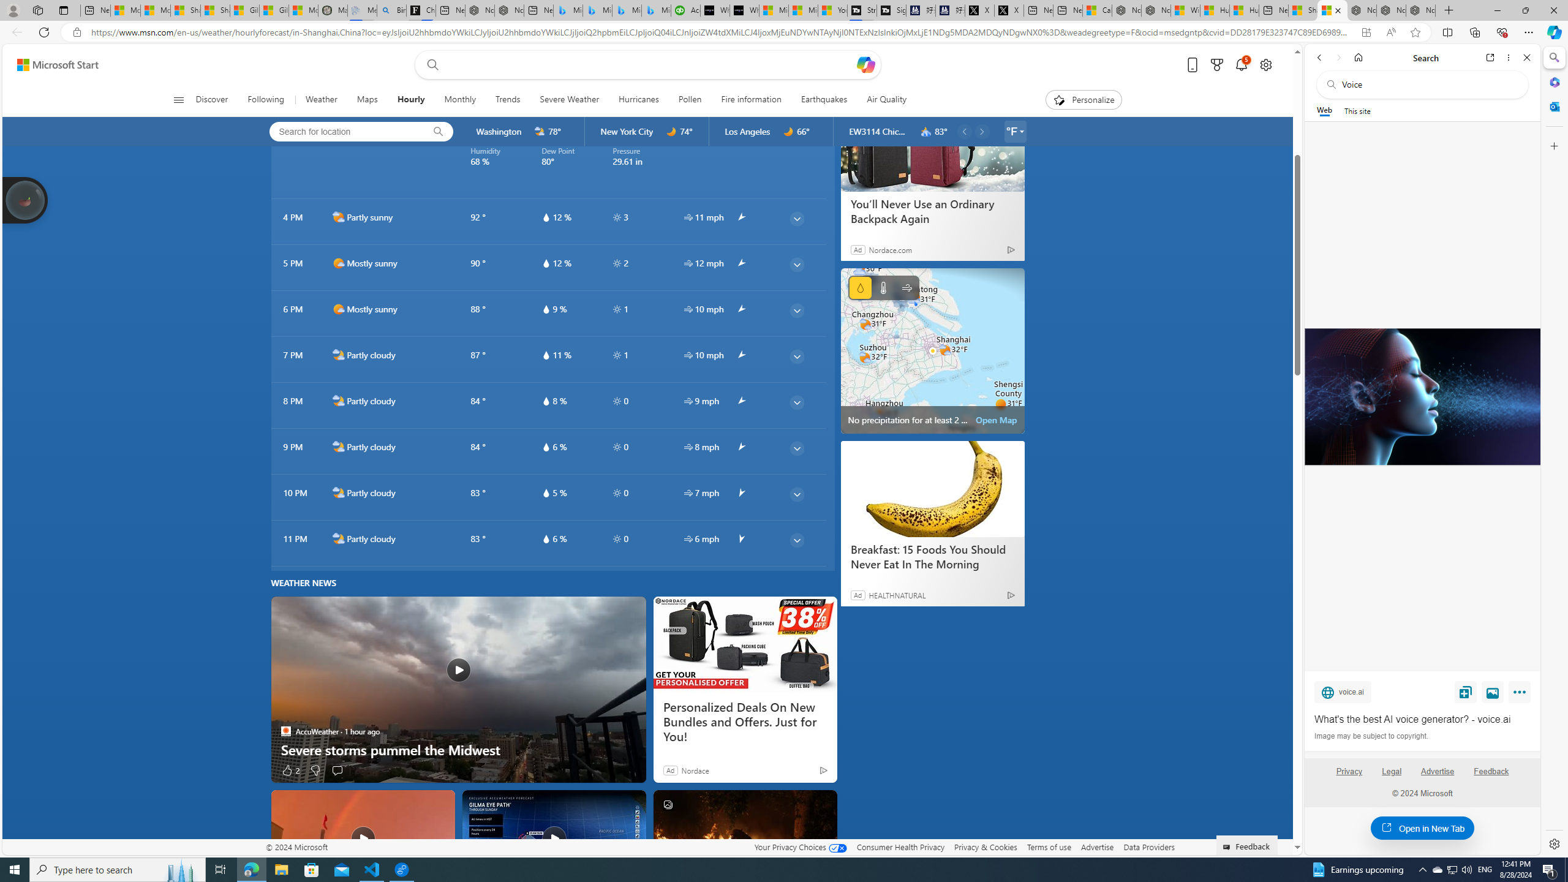 The width and height of the screenshot is (1568, 882). I want to click on 'Spectacular red sky and rainbow light up Golden Valley sky', so click(362, 837).